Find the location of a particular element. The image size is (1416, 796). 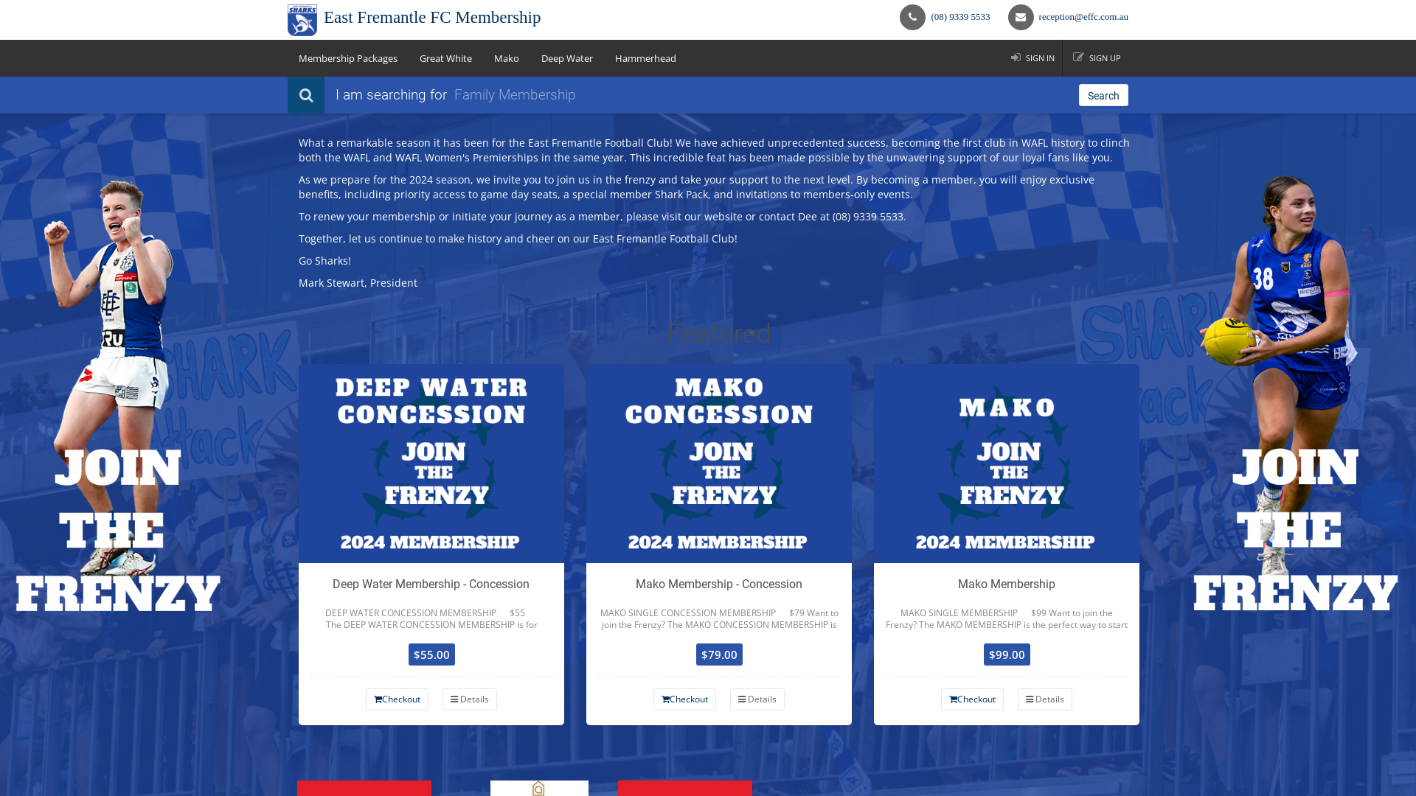

'Details' is located at coordinates (442, 698).